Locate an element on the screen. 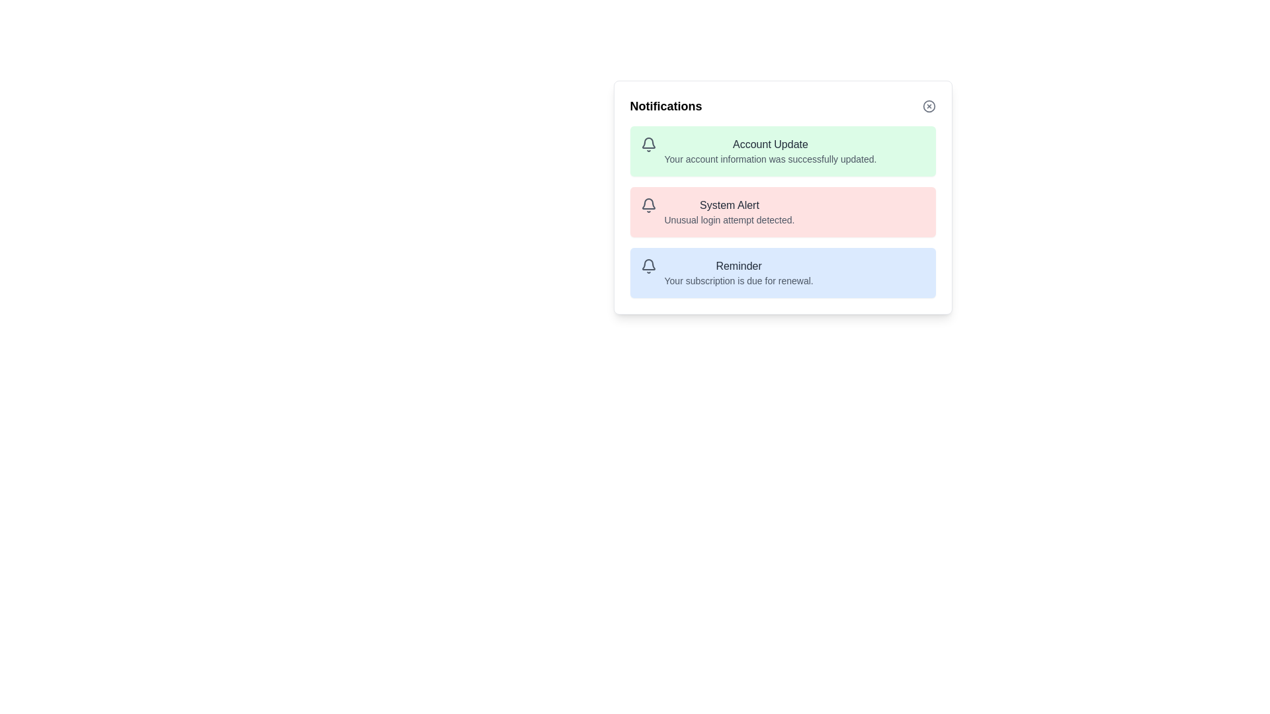  the 'Account Update' notification text block, which is the top notification in the list with a light green background is located at coordinates (770, 150).